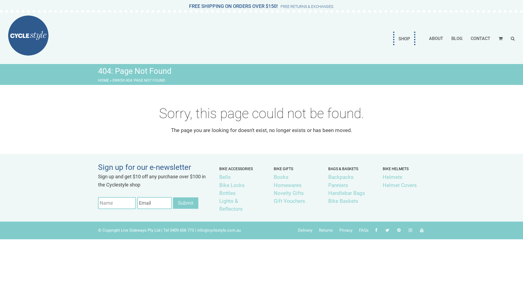 This screenshot has height=294, width=523. I want to click on 'SHOP', so click(404, 38).